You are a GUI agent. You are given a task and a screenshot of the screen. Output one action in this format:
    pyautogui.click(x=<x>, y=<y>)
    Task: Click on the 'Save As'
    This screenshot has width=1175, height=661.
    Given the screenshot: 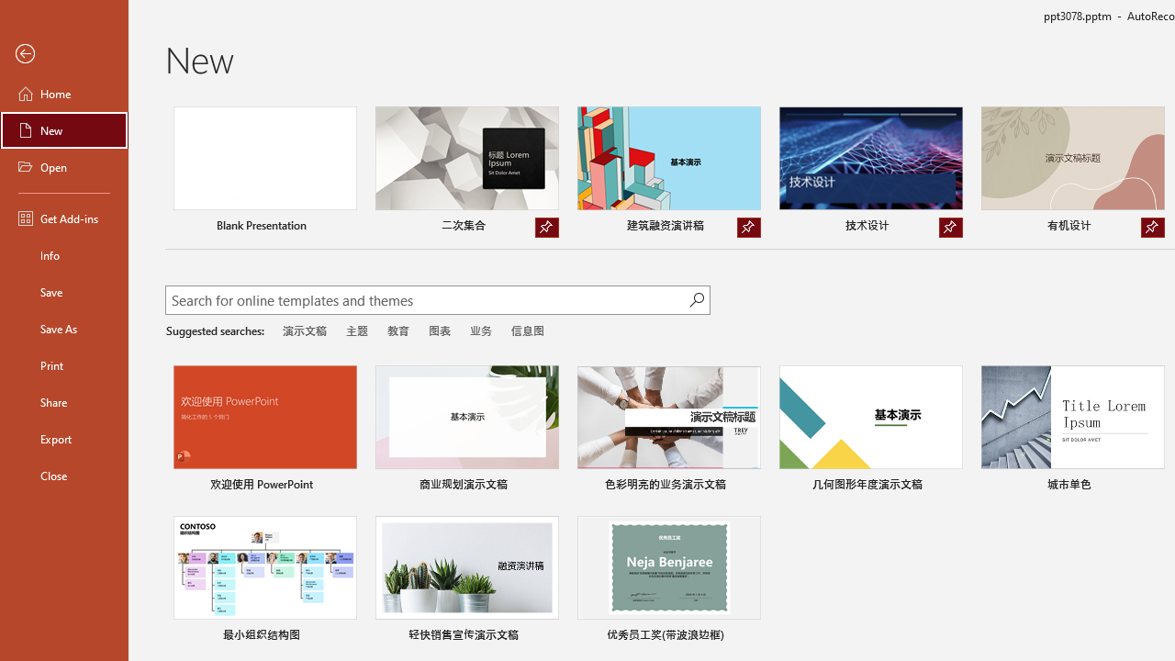 What is the action you would take?
    pyautogui.click(x=63, y=327)
    